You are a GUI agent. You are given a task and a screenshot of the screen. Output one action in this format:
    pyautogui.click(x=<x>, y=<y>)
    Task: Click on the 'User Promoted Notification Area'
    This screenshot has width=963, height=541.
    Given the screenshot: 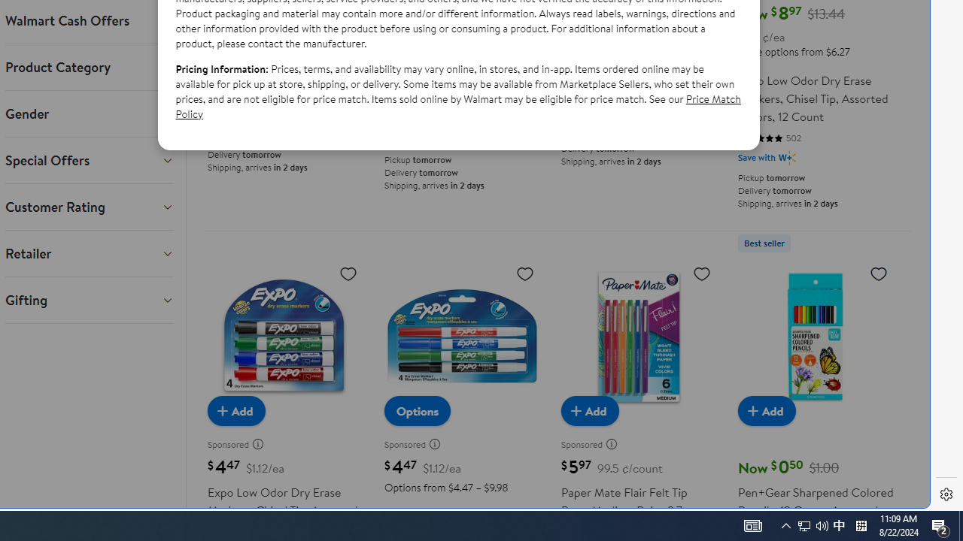 What is the action you would take?
    pyautogui.click(x=822, y=524)
    